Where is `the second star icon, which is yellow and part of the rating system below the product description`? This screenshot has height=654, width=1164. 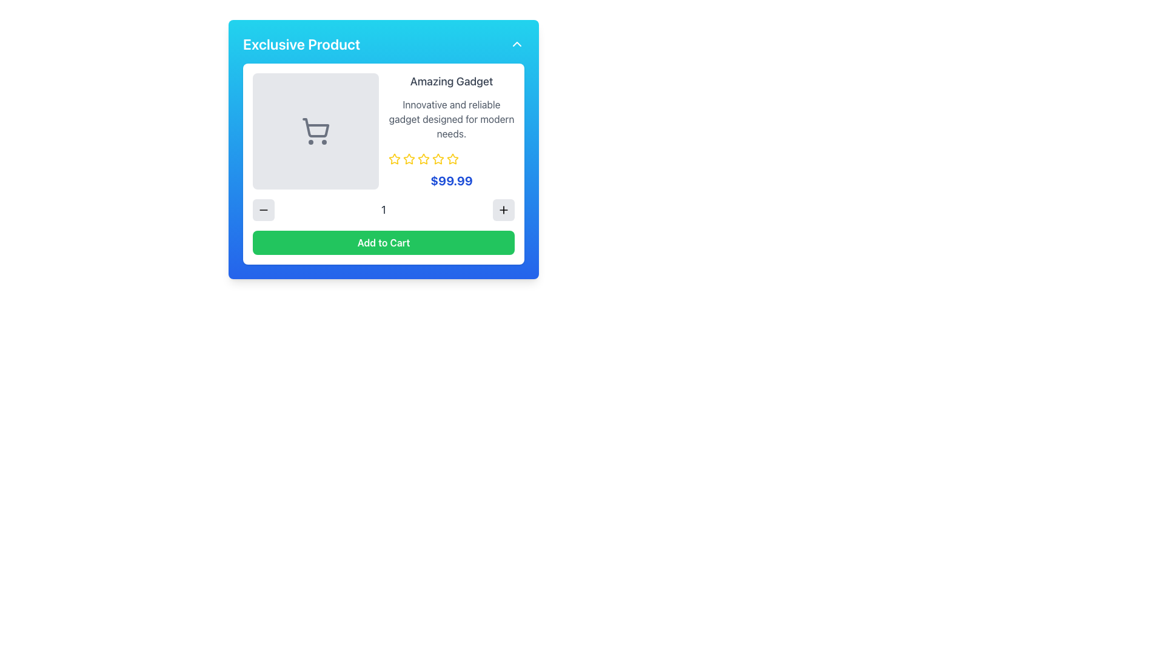 the second star icon, which is yellow and part of the rating system below the product description is located at coordinates (424, 158).